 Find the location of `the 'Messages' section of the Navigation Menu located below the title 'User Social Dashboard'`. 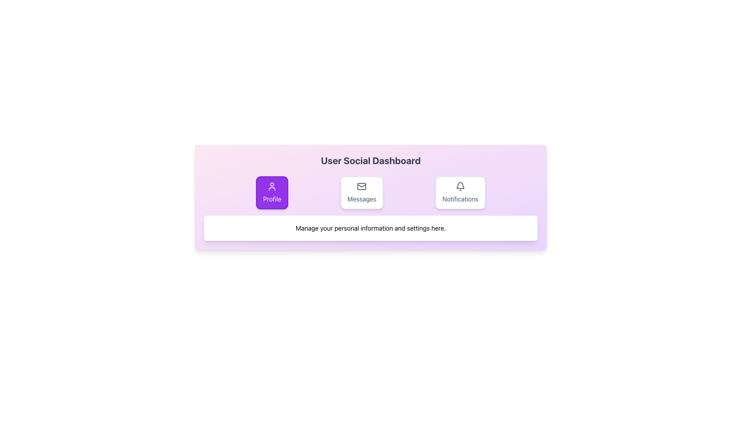

the 'Messages' section of the Navigation Menu located below the title 'User Social Dashboard' is located at coordinates (370, 192).